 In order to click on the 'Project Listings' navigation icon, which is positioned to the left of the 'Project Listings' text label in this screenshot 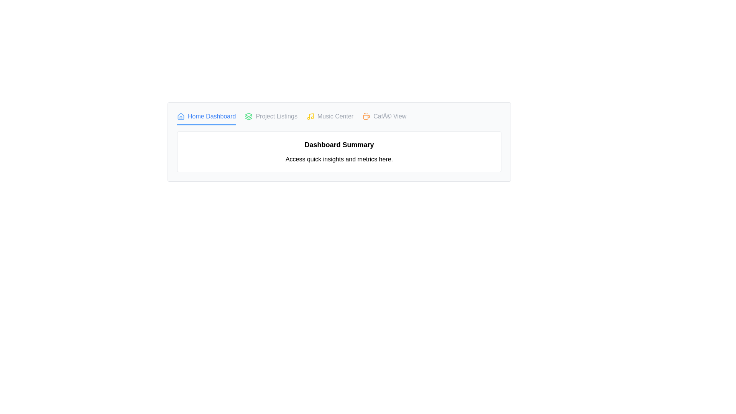, I will do `click(249, 117)`.